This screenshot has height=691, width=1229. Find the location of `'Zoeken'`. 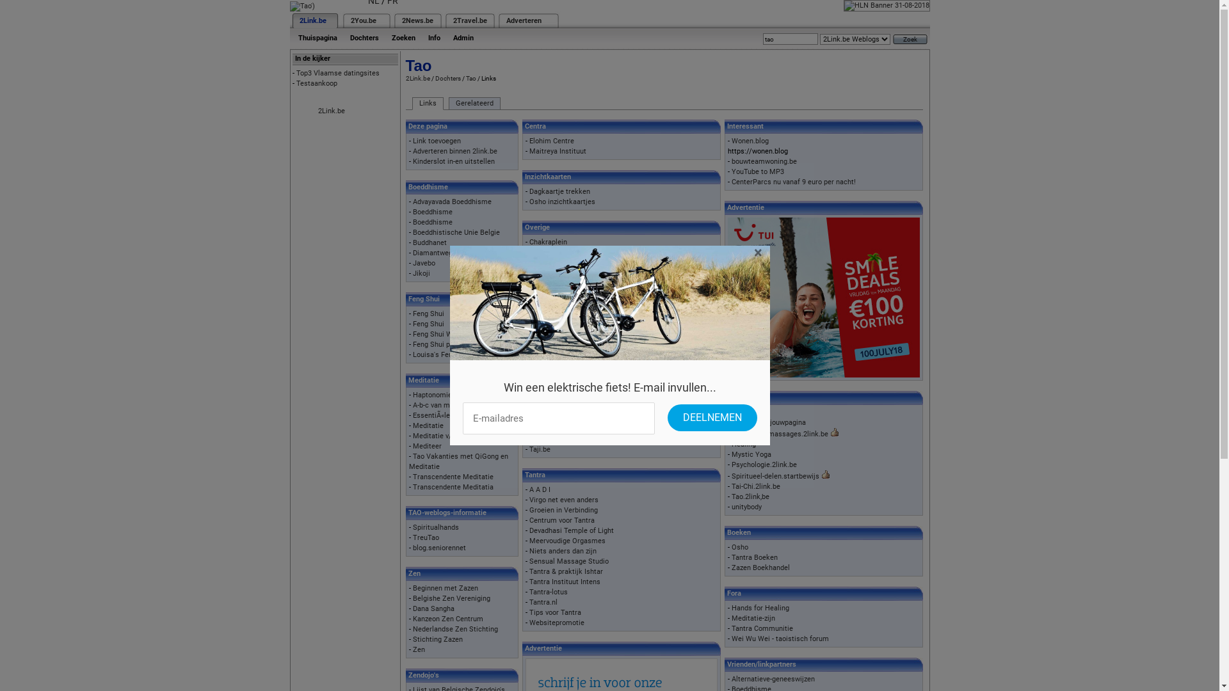

'Zoeken' is located at coordinates (403, 37).